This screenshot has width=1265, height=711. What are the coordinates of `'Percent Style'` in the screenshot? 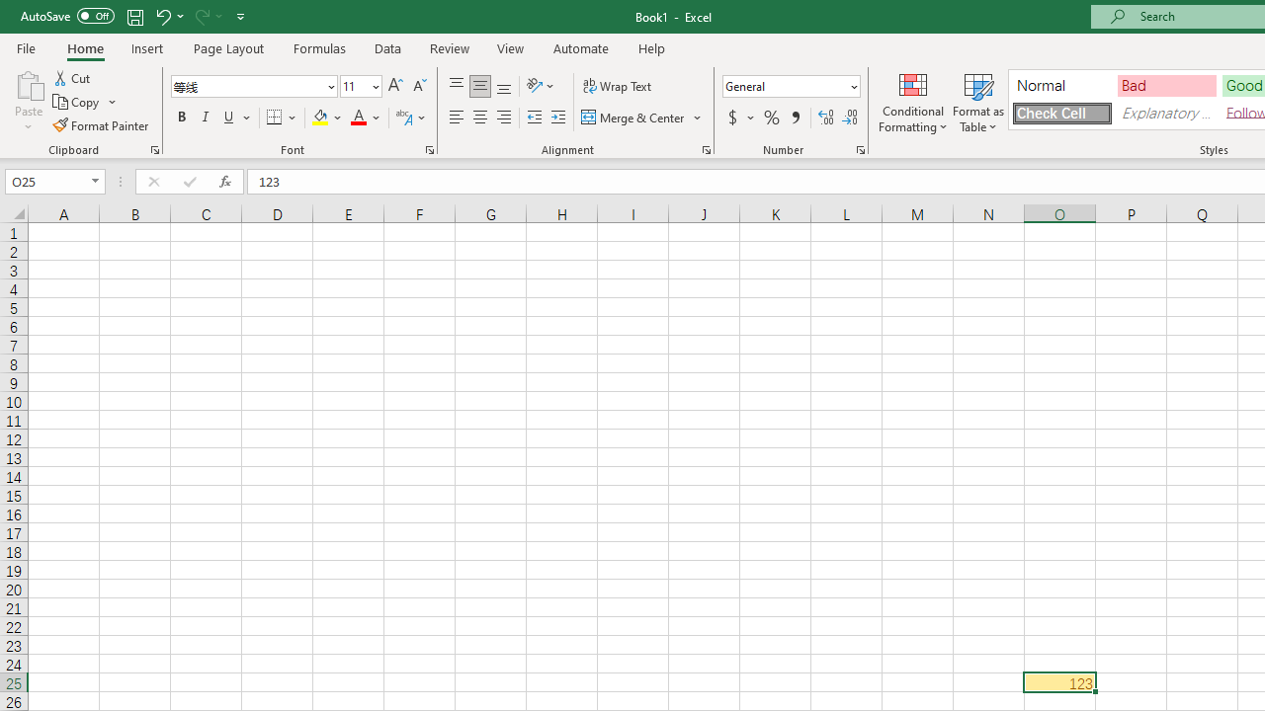 It's located at (771, 118).